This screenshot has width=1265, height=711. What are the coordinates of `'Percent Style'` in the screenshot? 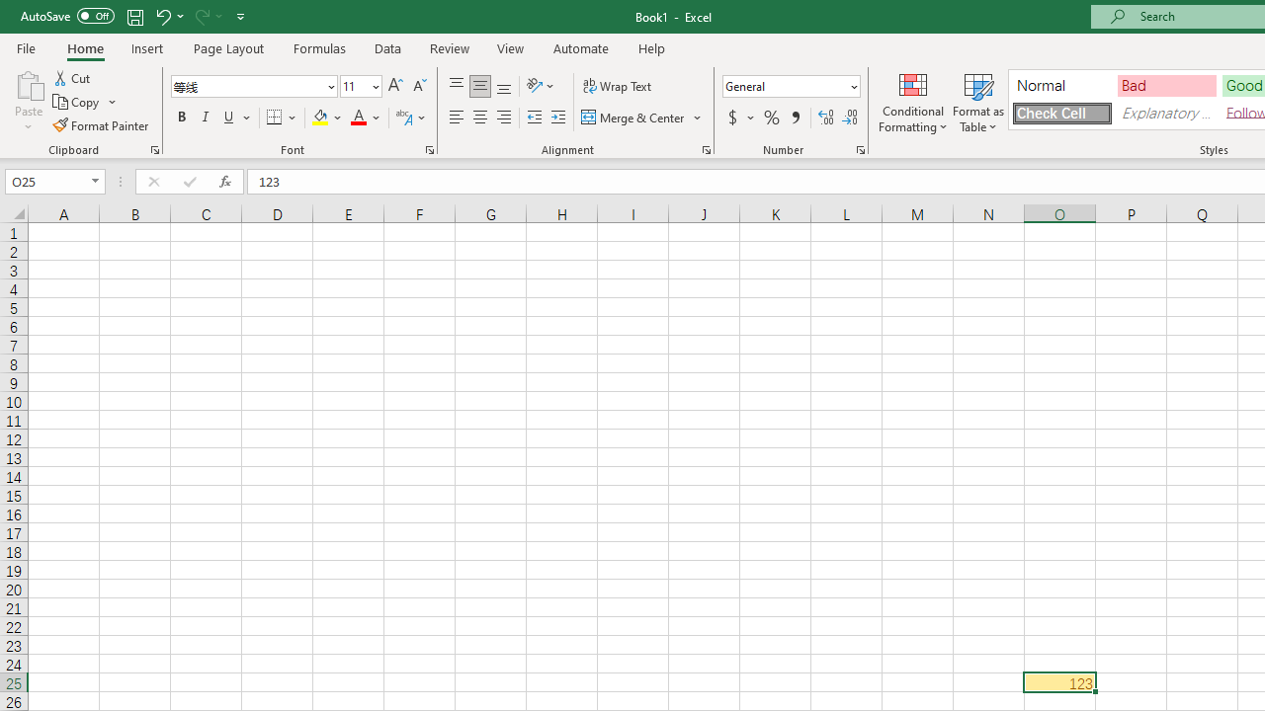 It's located at (771, 118).